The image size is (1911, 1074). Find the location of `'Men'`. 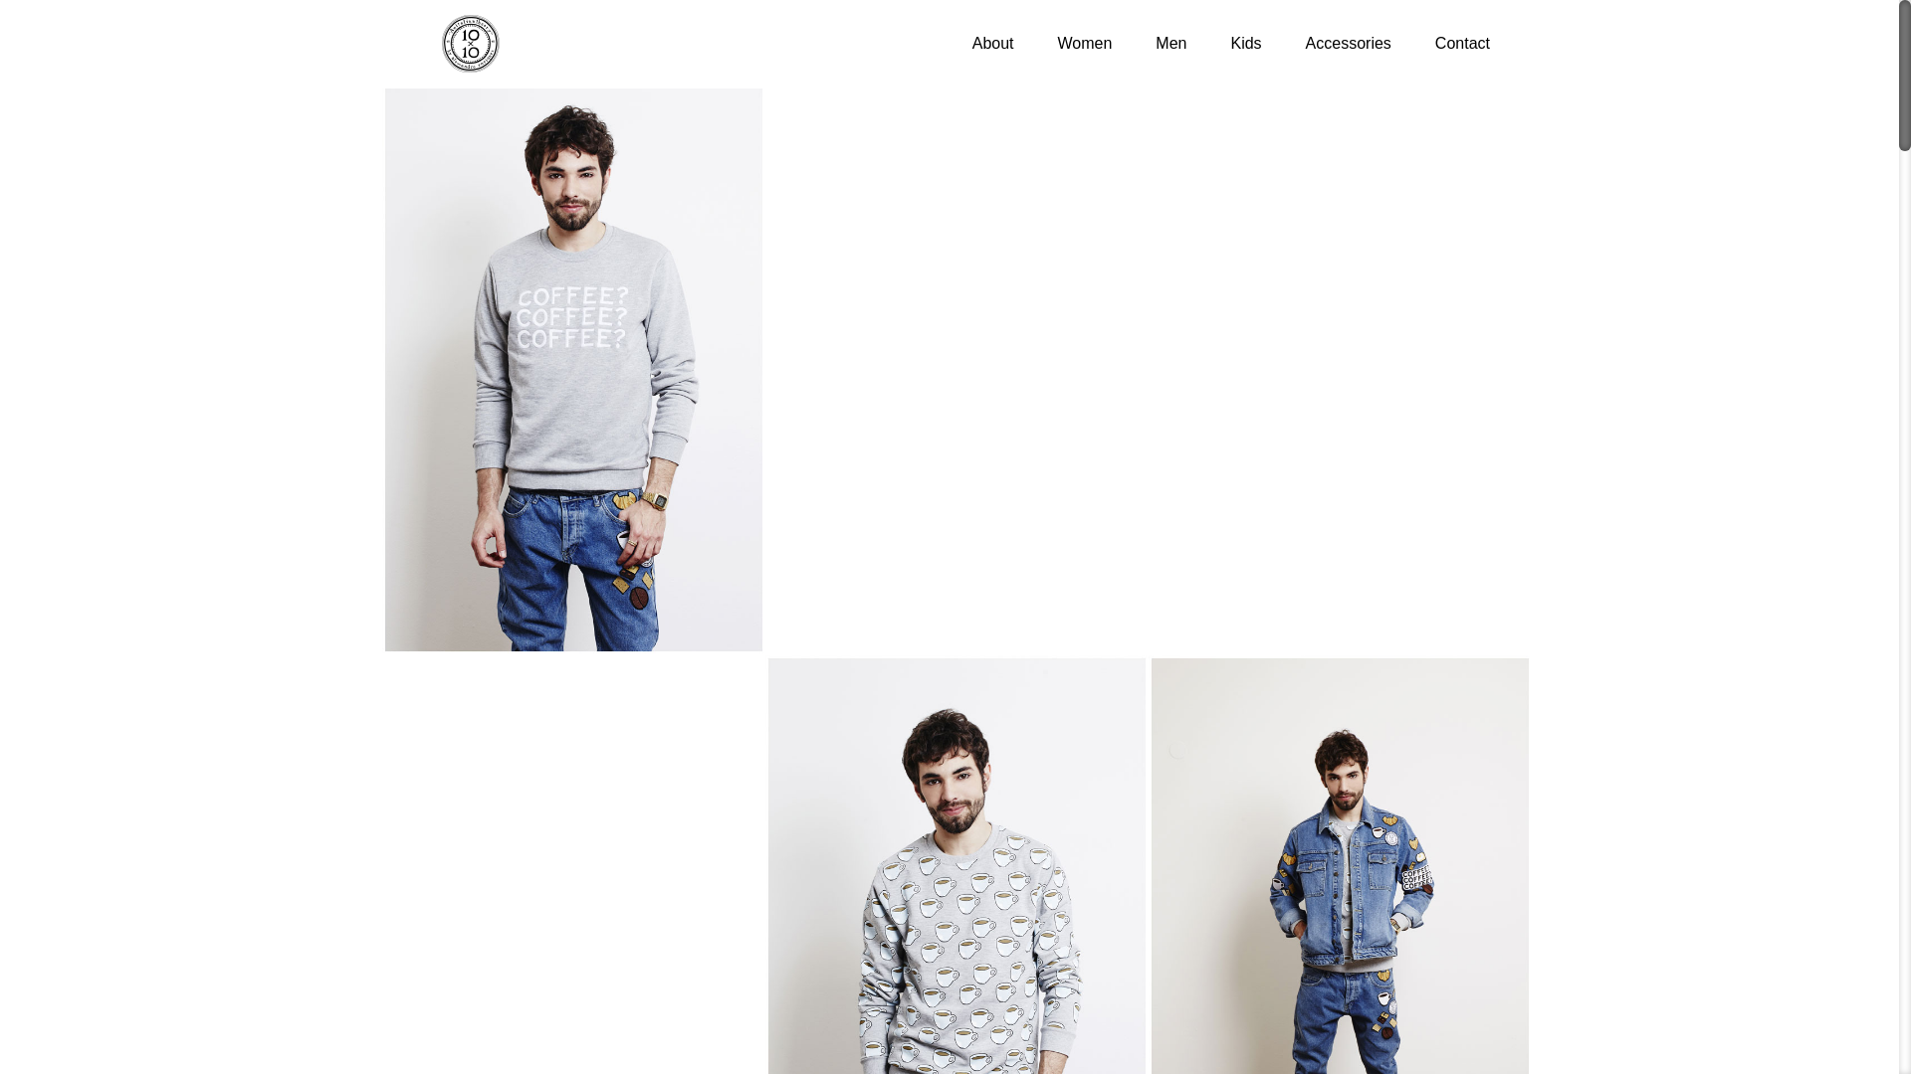

'Men' is located at coordinates (1146, 43).